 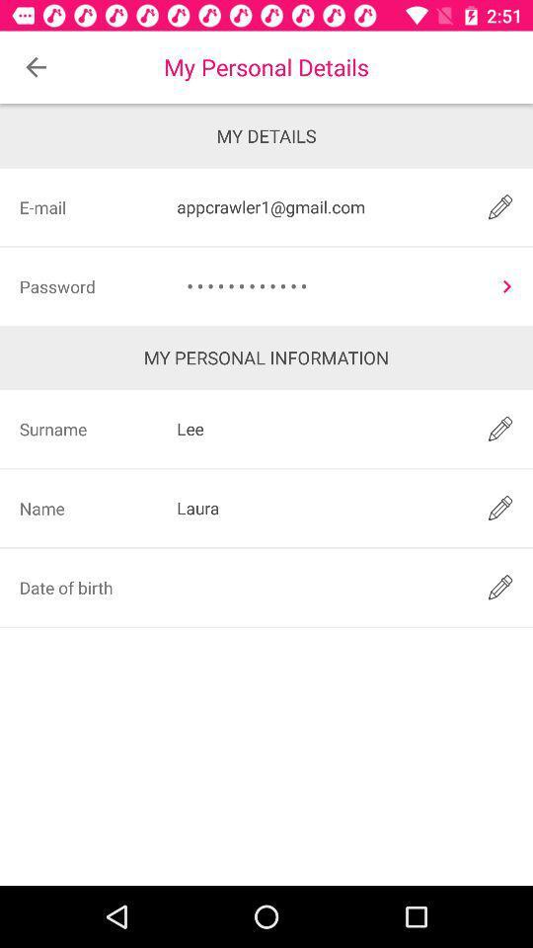 What do you see at coordinates (319, 429) in the screenshot?
I see `icon next to surname` at bounding box center [319, 429].